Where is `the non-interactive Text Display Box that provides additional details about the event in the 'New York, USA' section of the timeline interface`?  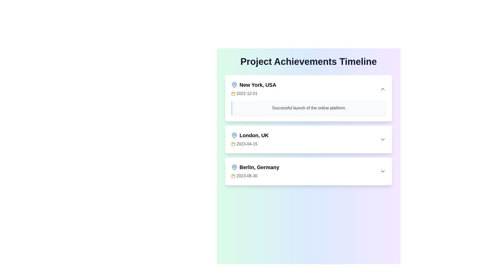
the non-interactive Text Display Box that provides additional details about the event in the 'New York, USA' section of the timeline interface is located at coordinates (308, 108).